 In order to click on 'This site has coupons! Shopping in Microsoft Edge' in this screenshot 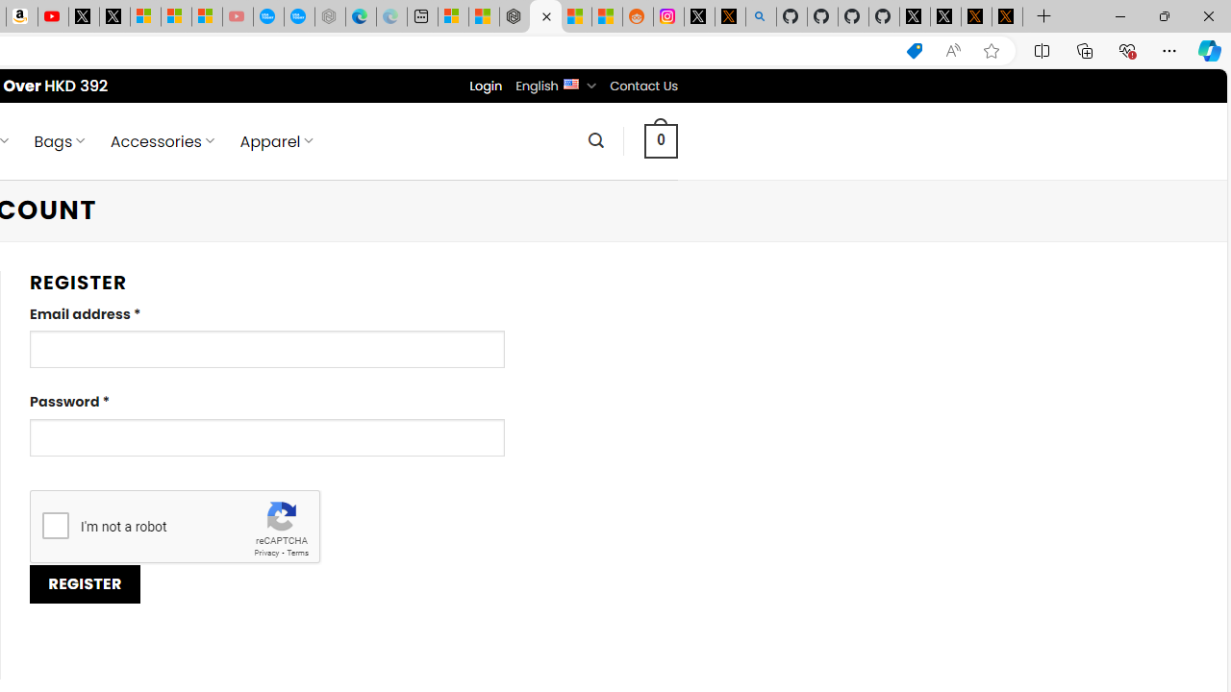, I will do `click(914, 50)`.